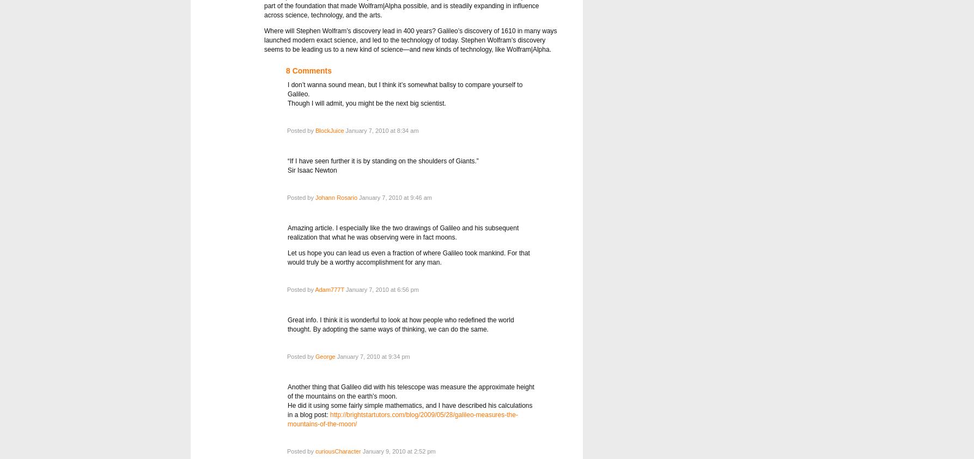  Describe the element at coordinates (366, 103) in the screenshot. I see `'Though I will admit, you might be the next big scientist.'` at that location.